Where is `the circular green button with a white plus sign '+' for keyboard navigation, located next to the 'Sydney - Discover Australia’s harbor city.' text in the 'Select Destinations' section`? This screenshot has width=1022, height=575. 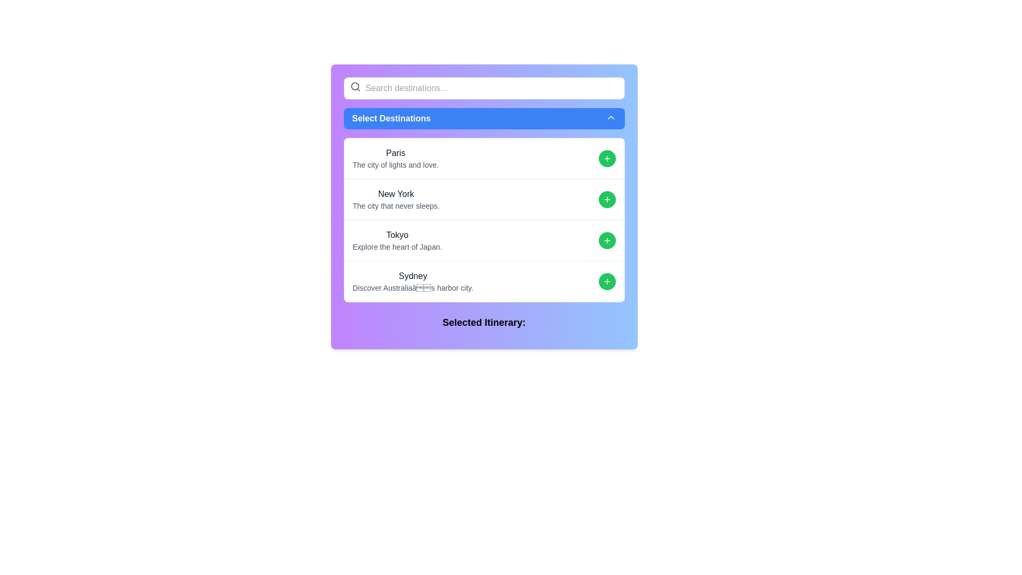
the circular green button with a white plus sign '+' for keyboard navigation, located next to the 'Sydney - Discover Australia’s harbor city.' text in the 'Select Destinations' section is located at coordinates (607, 281).